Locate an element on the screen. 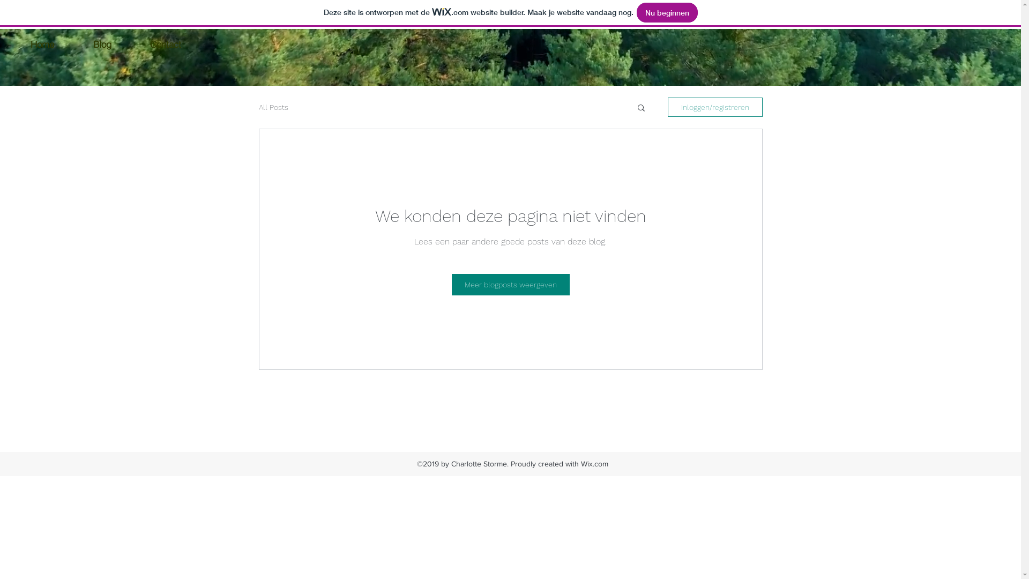 This screenshot has width=1029, height=579. 'Inloggen/registreren' is located at coordinates (715, 107).